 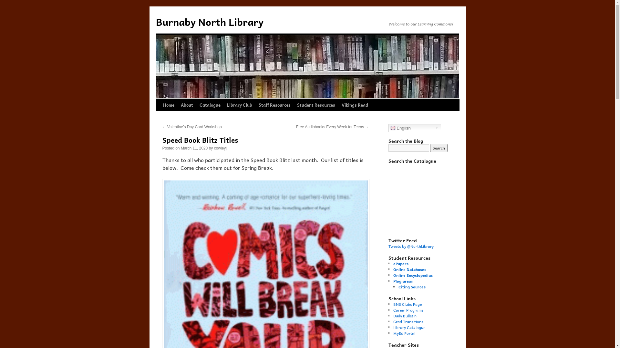 I want to click on 'English', so click(x=414, y=128).